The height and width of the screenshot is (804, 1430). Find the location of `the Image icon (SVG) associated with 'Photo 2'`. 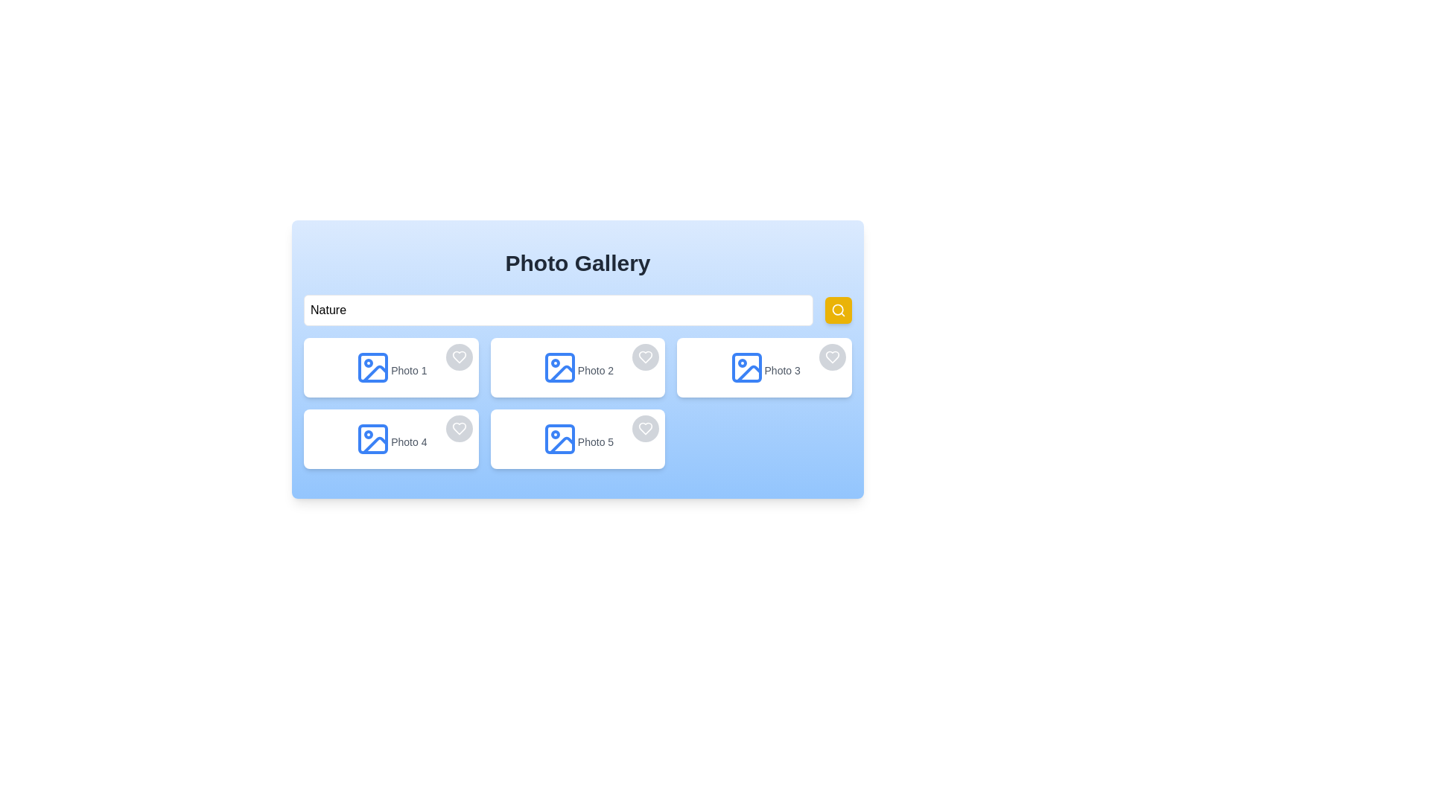

the Image icon (SVG) associated with 'Photo 2' is located at coordinates (559, 367).